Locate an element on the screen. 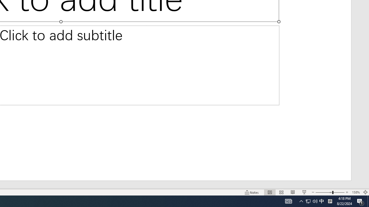  'Zoom 158%' is located at coordinates (355, 192).